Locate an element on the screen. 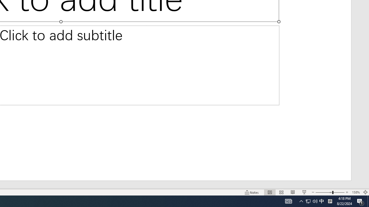  'Zoom 158%' is located at coordinates (355, 192).